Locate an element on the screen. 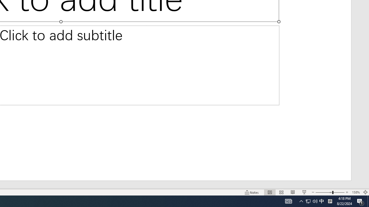  'Zoom 158%' is located at coordinates (355, 192).